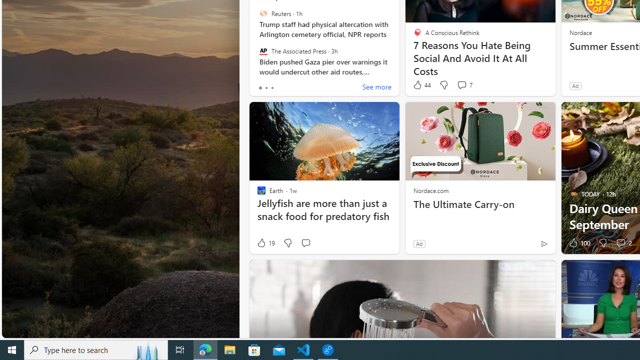 This screenshot has width=640, height=360. What do you see at coordinates (263, 50) in the screenshot?
I see `'The Associated Press'` at bounding box center [263, 50].